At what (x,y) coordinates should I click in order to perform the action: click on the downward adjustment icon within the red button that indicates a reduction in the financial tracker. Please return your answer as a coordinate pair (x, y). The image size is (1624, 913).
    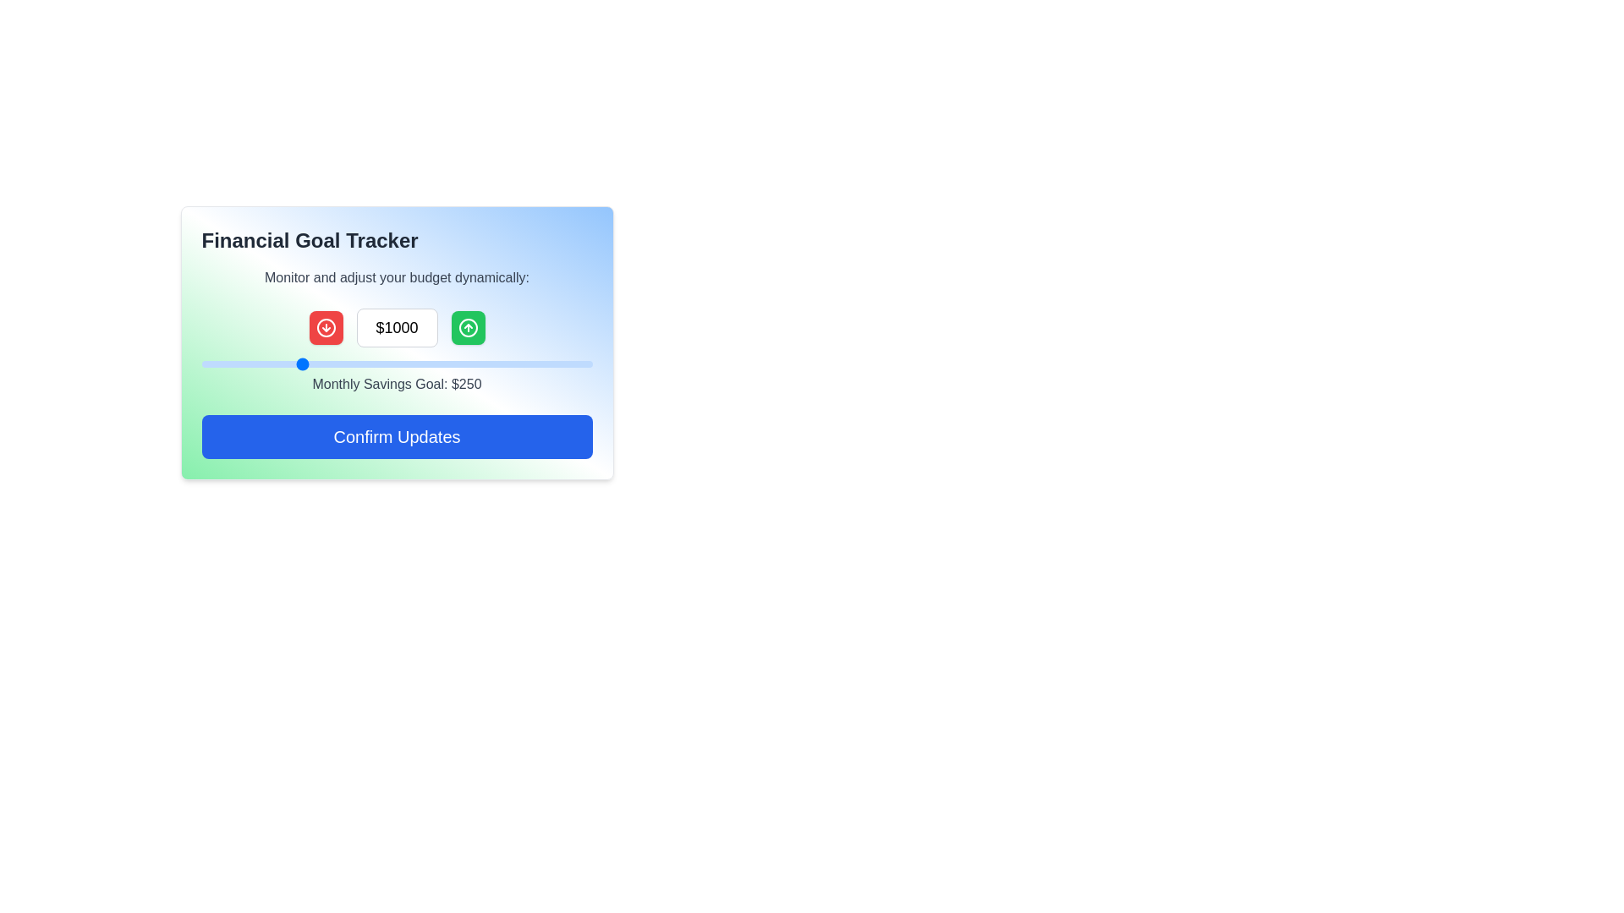
    Looking at the image, I should click on (326, 328).